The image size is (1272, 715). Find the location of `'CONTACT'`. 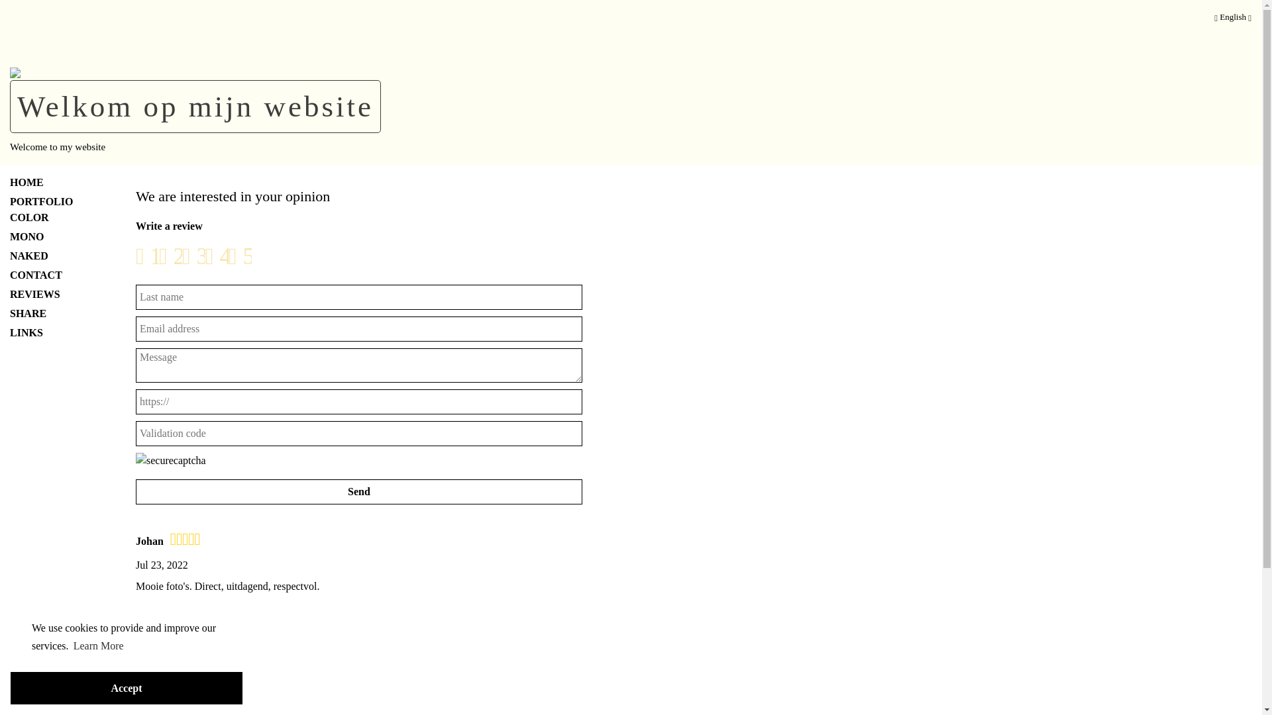

'CONTACT' is located at coordinates (53, 275).